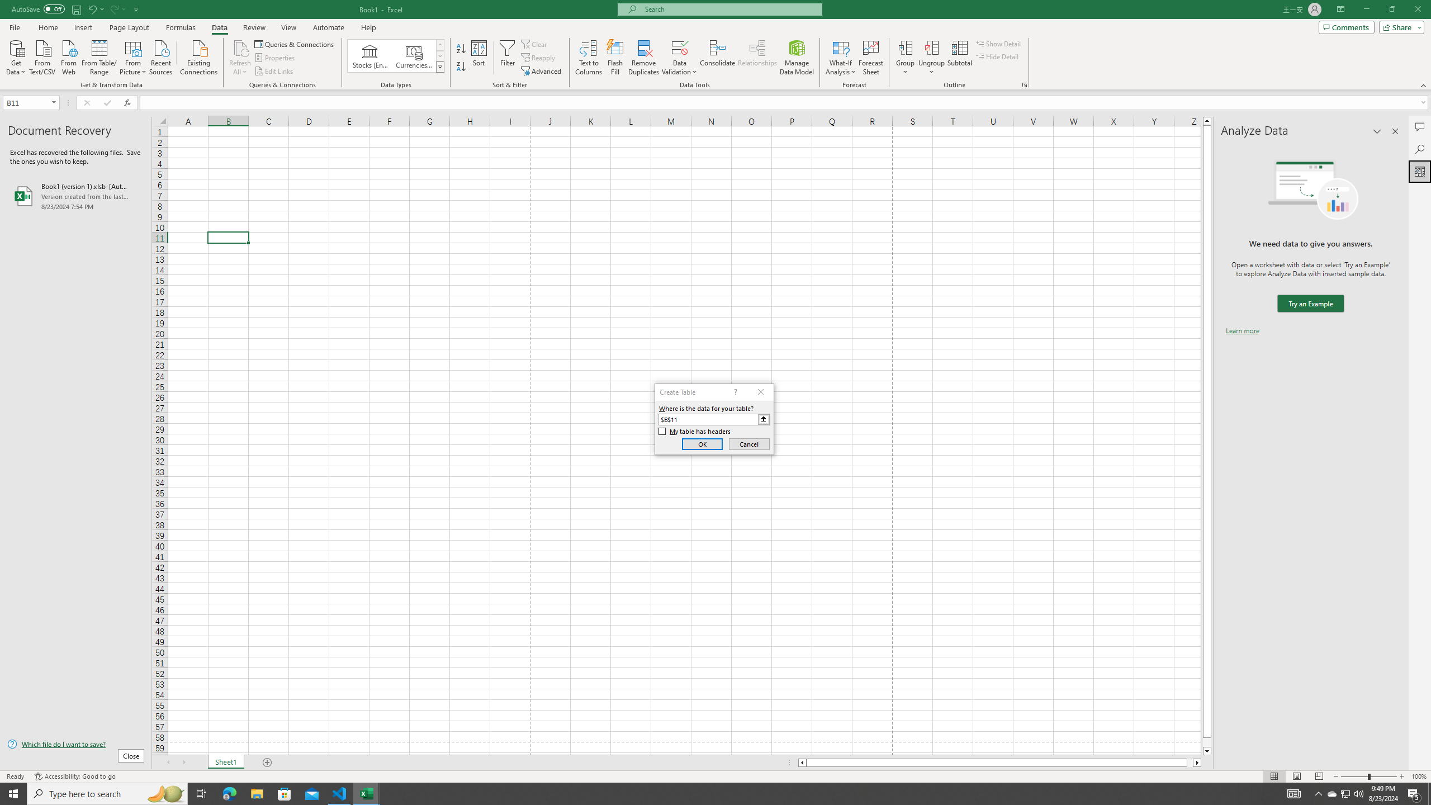  What do you see at coordinates (870, 58) in the screenshot?
I see `'Forecast Sheet'` at bounding box center [870, 58].